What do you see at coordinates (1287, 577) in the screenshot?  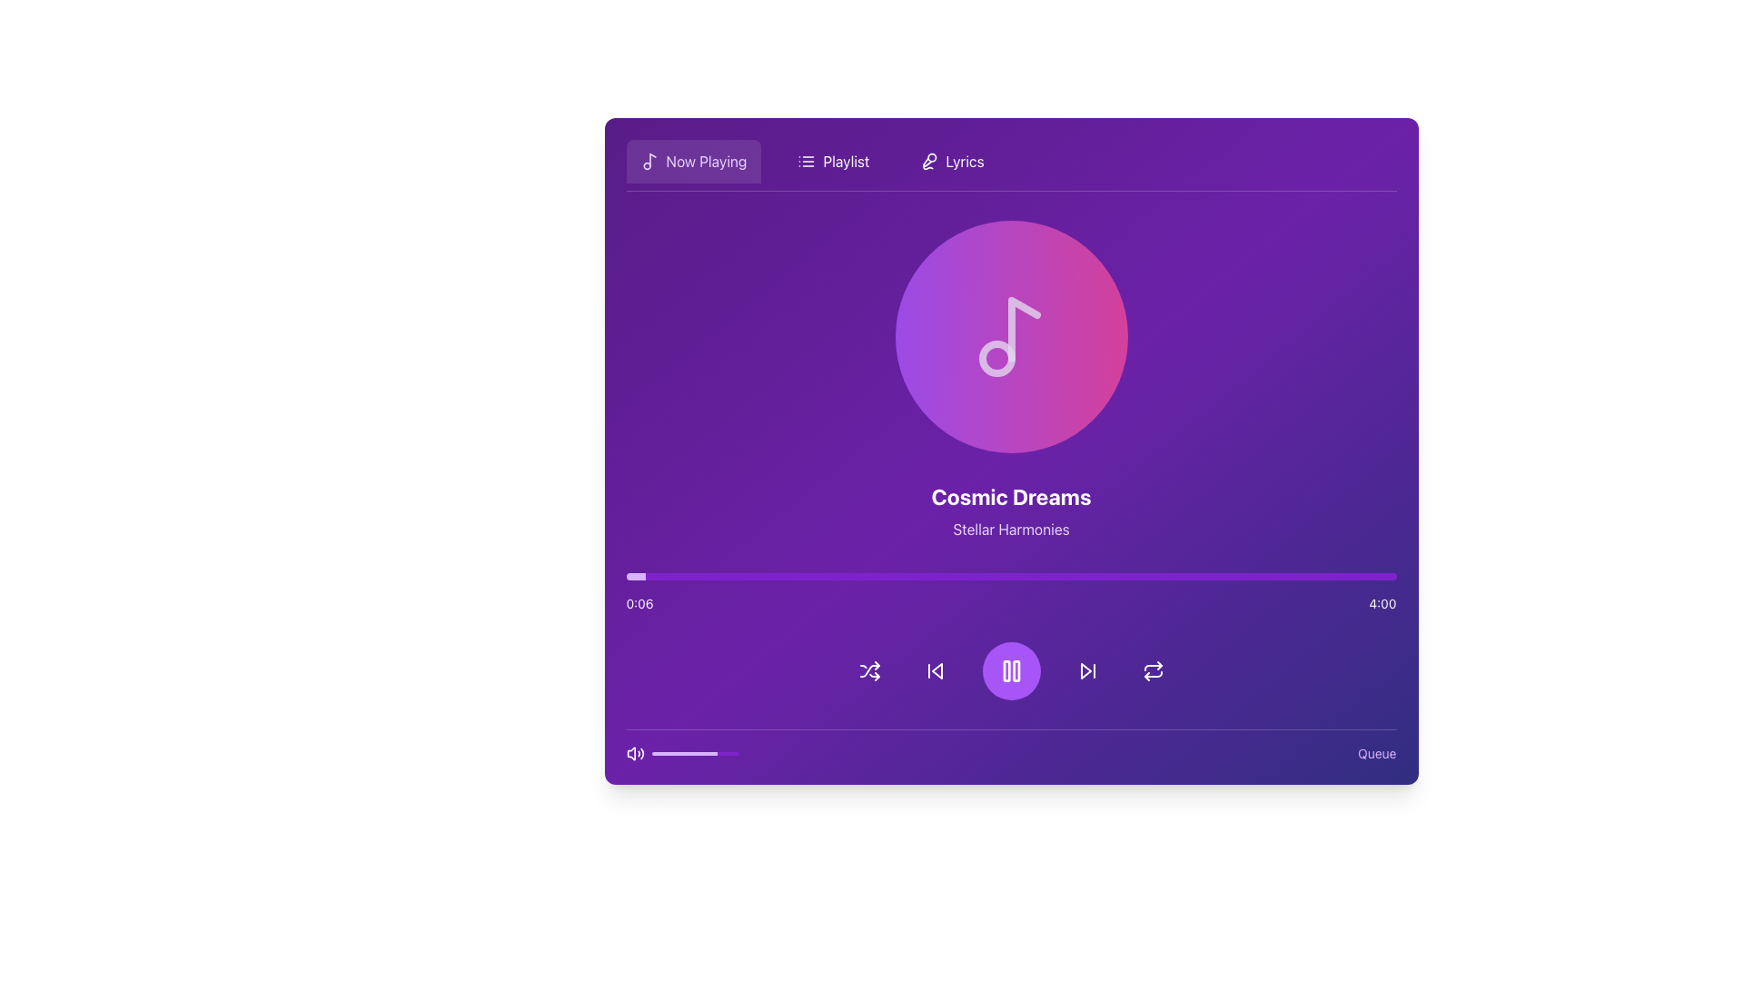 I see `playback progress` at bounding box center [1287, 577].